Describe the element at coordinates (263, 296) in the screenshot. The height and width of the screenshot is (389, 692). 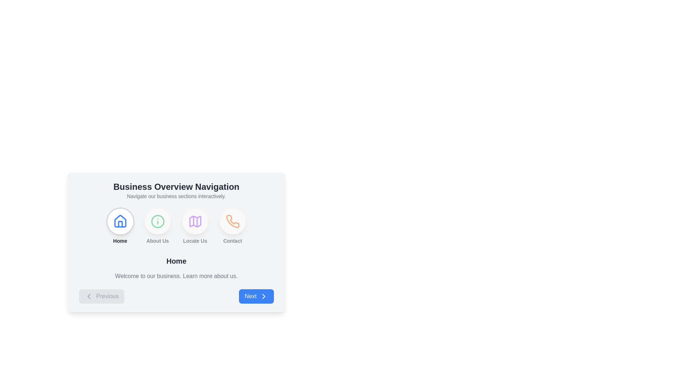
I see `the small right-pointing arrow icon with a white fill and blue stroke located at the end of the 'Next' button in the bottom-right corner of the card layout` at that location.